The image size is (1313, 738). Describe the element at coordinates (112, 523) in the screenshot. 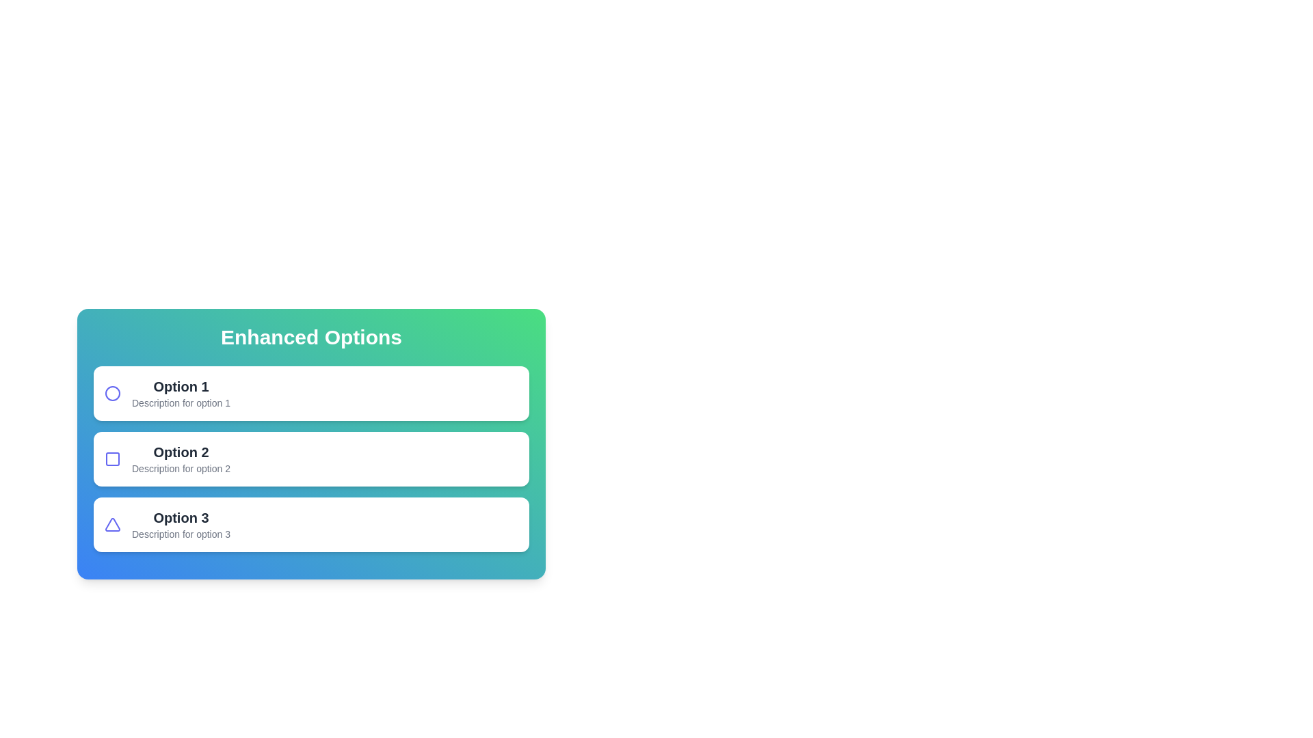

I see `the triangular warning icon located to the left of the text 'Option 3'` at that location.